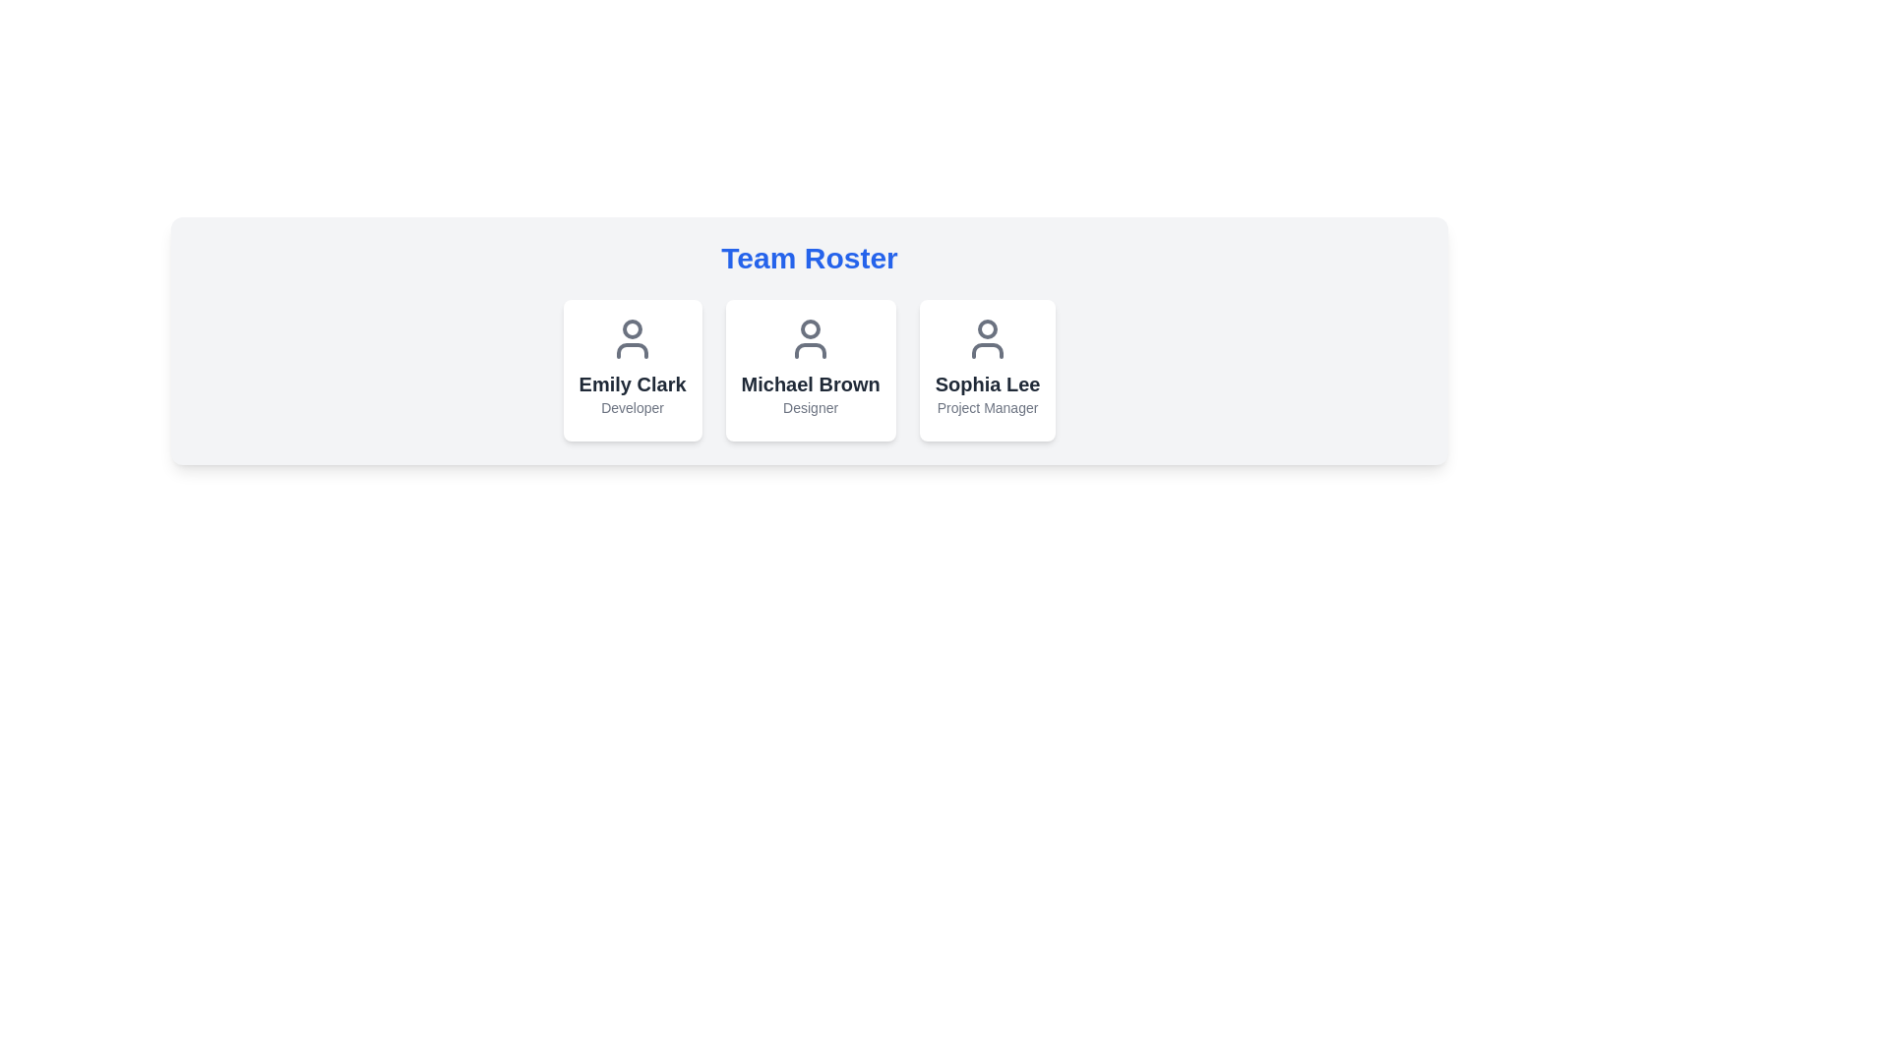 Image resolution: width=1889 pixels, height=1062 pixels. I want to click on text content of the label displaying 'Emily Clark', which is prominently positioned in bold on a card in the team roster section, so click(633, 383).